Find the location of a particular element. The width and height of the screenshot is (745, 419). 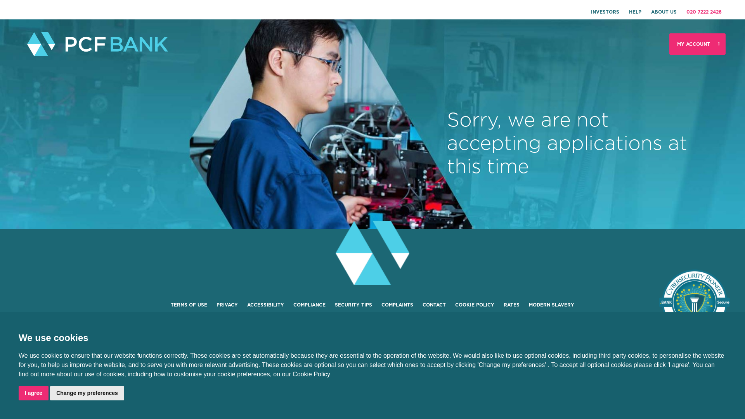

'I agree' is located at coordinates (33, 393).